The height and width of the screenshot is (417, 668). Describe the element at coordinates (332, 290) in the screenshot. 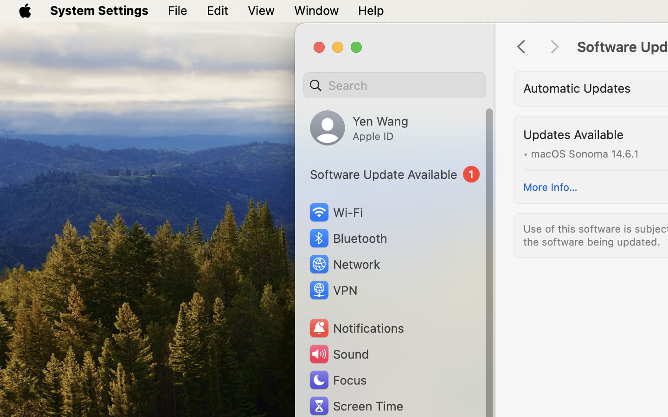

I see `'VPN'` at that location.